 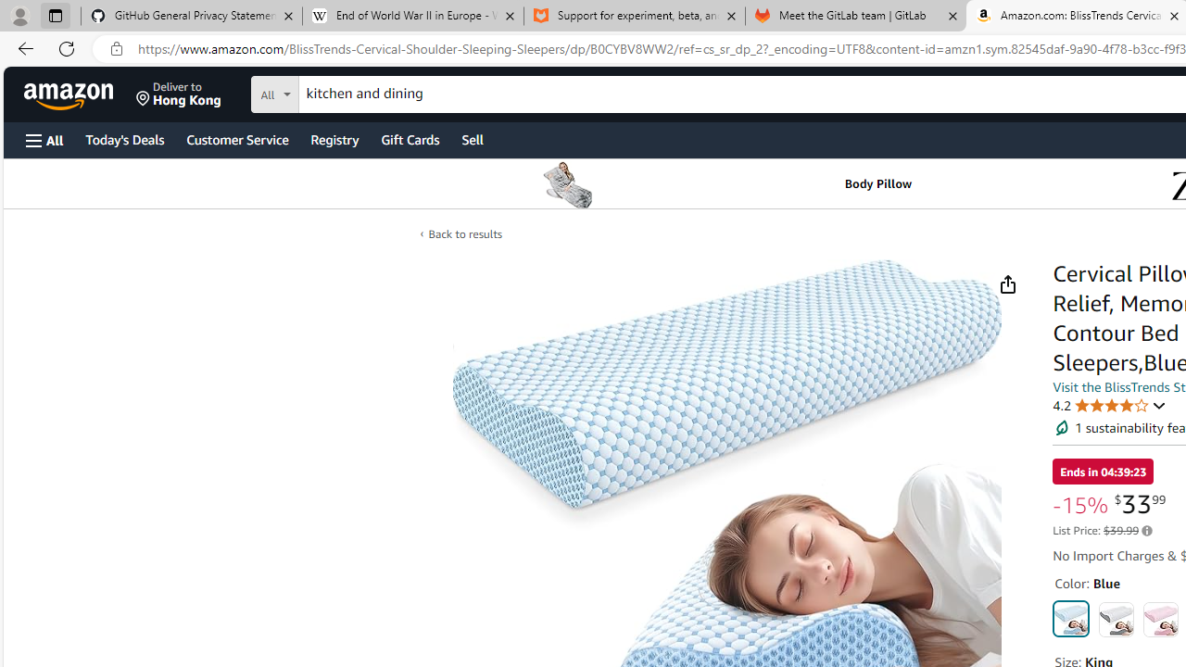 I want to click on 'End of World War II in Europe - Wikipedia', so click(x=411, y=16).